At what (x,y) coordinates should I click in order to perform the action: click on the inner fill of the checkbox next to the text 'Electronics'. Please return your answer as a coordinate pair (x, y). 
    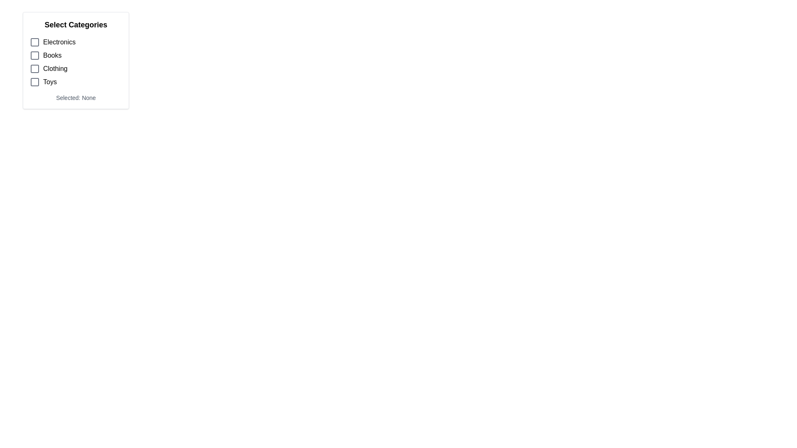
    Looking at the image, I should click on (34, 42).